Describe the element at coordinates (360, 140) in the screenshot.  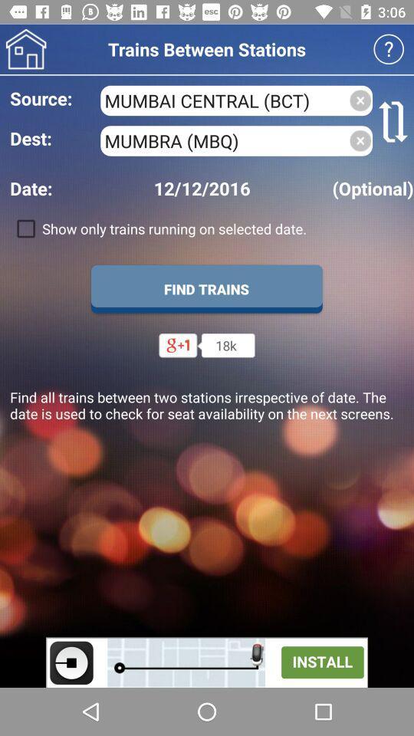
I see `clear destination` at that location.